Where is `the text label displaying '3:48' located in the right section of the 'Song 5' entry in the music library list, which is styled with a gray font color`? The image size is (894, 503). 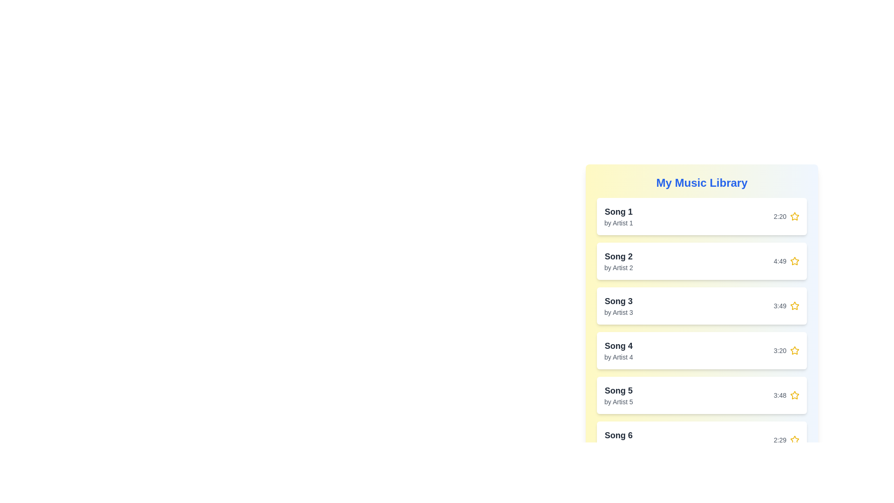 the text label displaying '3:48' located in the right section of the 'Song 5' entry in the music library list, which is styled with a gray font color is located at coordinates (780, 395).